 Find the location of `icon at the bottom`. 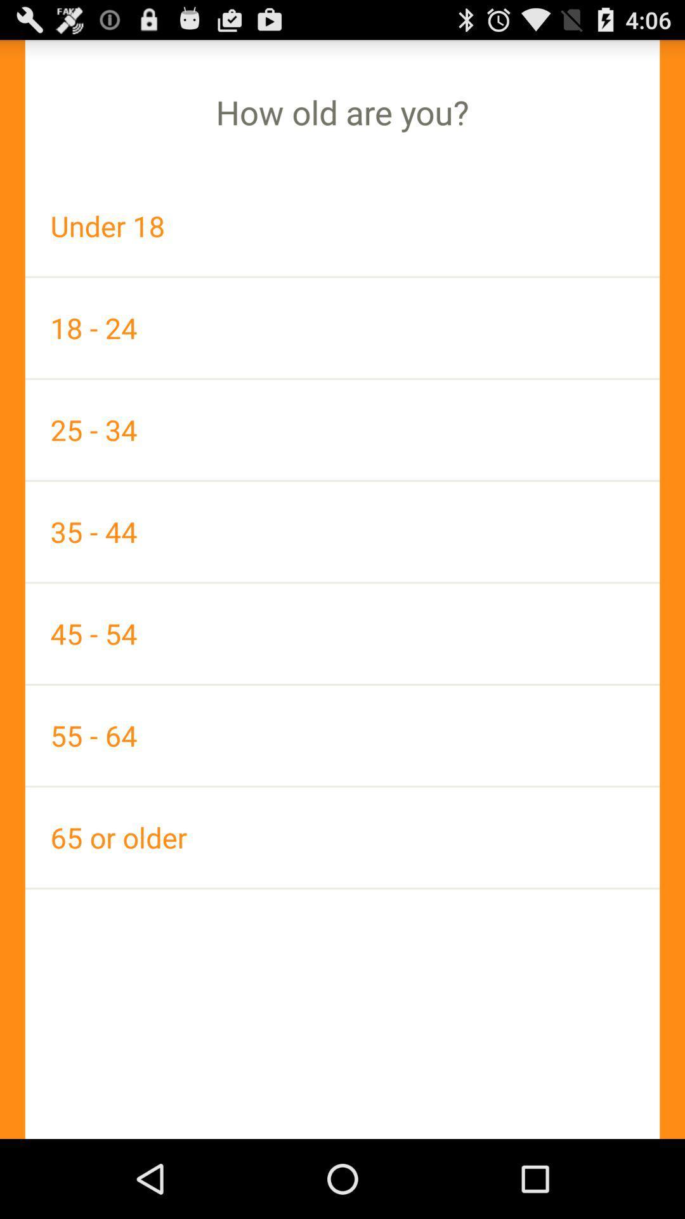

icon at the bottom is located at coordinates (342, 837).